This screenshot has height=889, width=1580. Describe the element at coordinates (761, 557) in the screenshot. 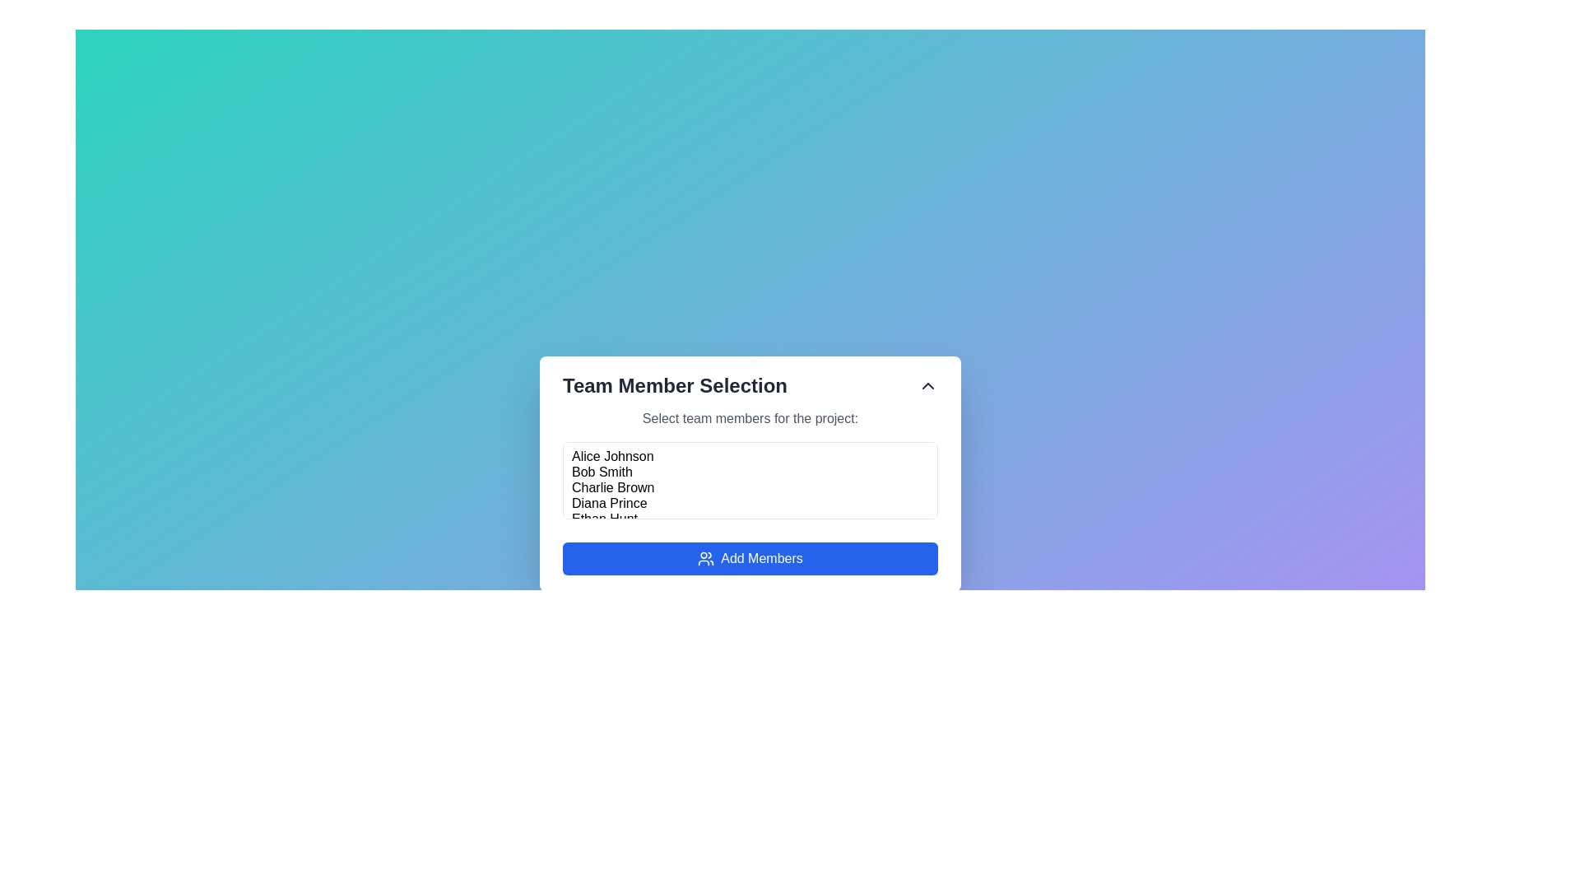

I see `the 'Add Members' button, which is a blue rectangular button with white sans-serif text, located at the bottom center of the 'Team Member Selection' modal` at that location.